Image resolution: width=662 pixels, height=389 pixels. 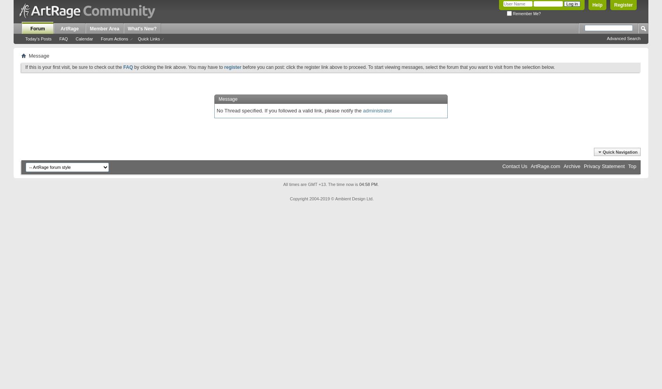 What do you see at coordinates (563, 166) in the screenshot?
I see `'Archive'` at bounding box center [563, 166].